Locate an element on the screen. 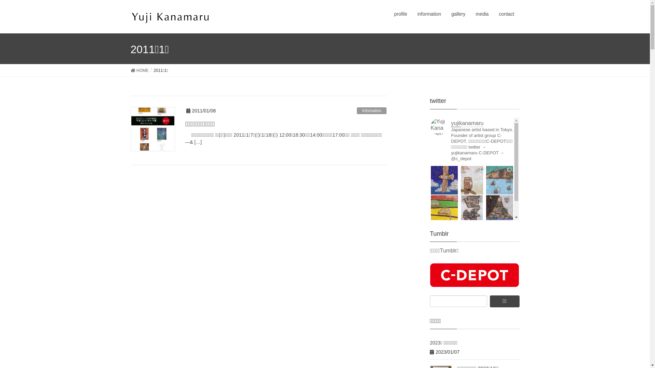 This screenshot has height=368, width=655. 'media' is located at coordinates (481, 14).